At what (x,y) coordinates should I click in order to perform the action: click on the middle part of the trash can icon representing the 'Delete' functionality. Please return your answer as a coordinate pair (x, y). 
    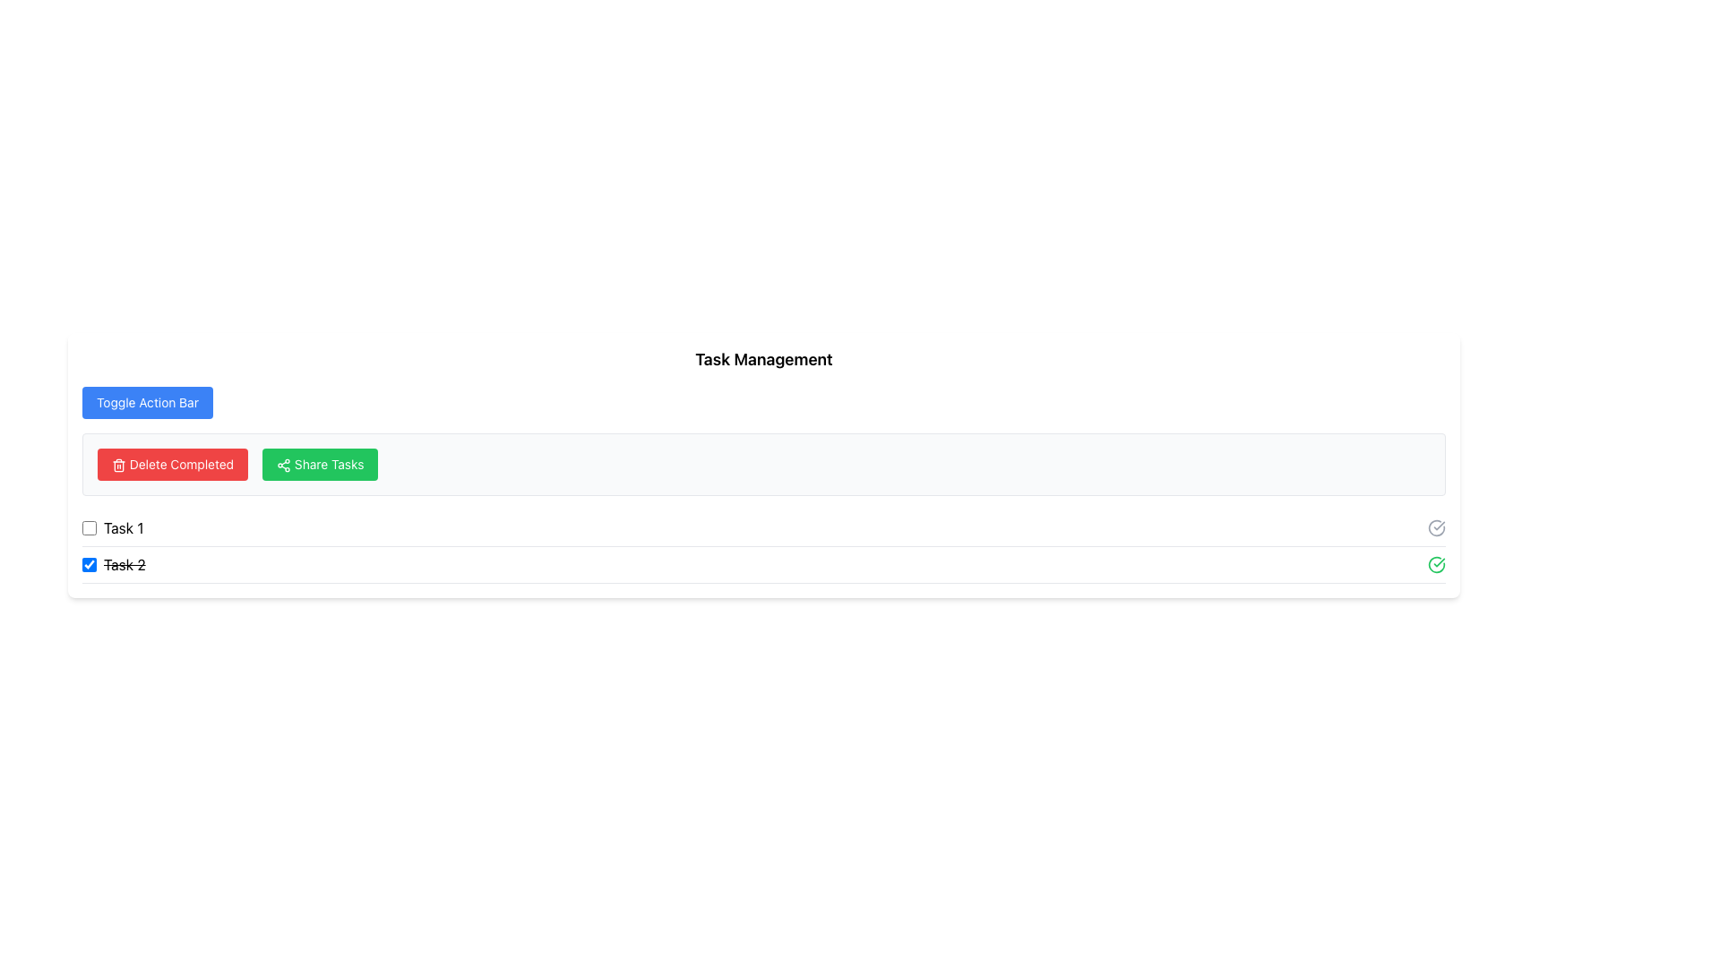
    Looking at the image, I should click on (118, 465).